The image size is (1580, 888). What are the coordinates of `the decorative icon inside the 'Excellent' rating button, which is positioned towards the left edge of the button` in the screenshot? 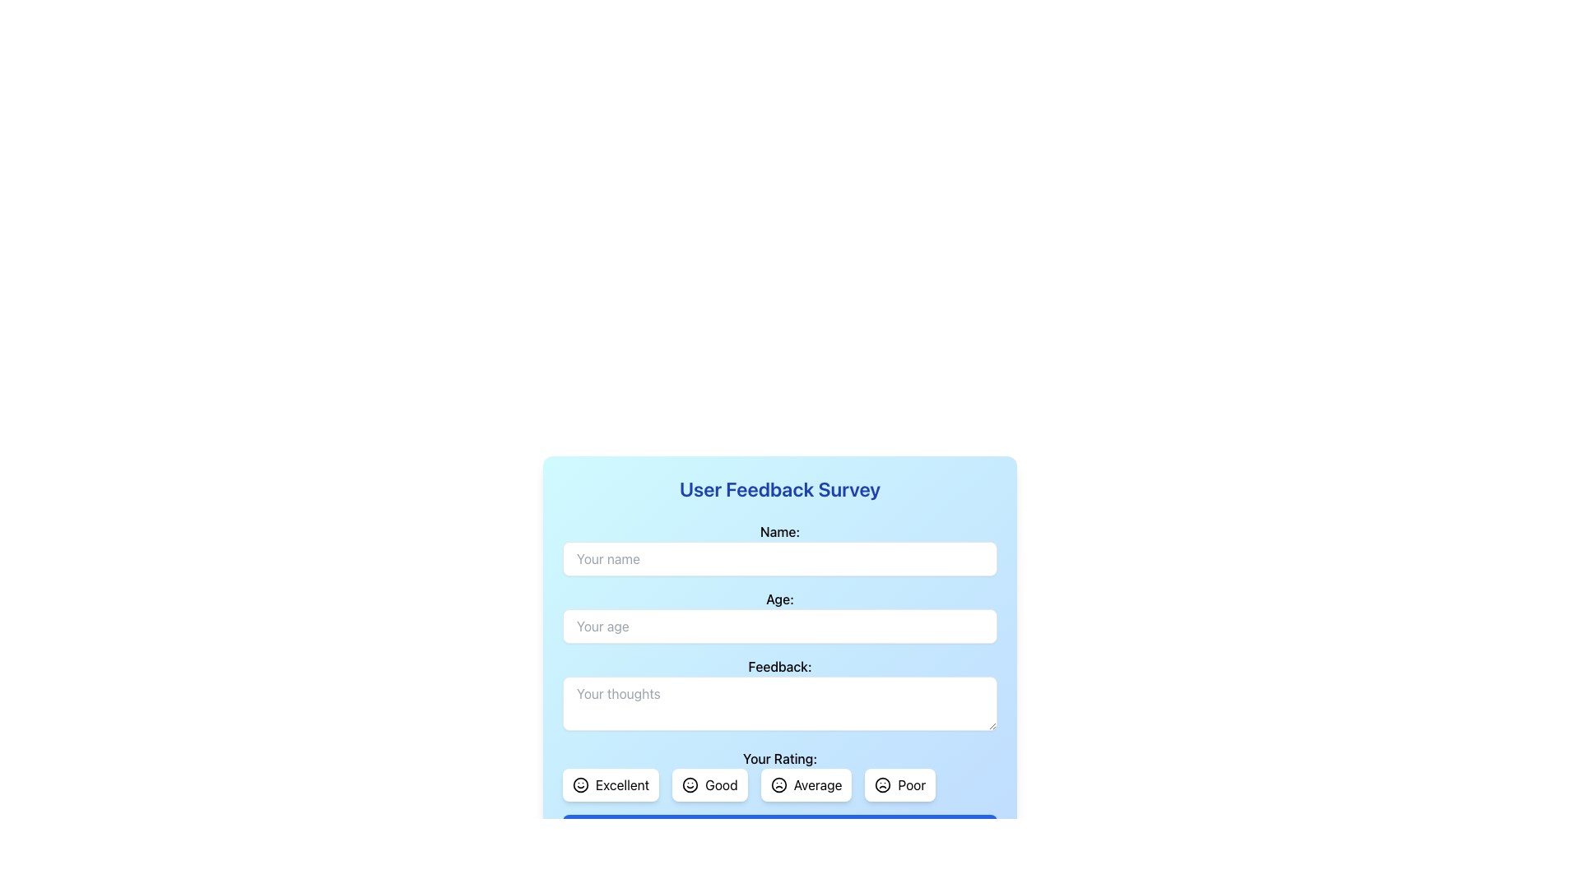 It's located at (580, 784).